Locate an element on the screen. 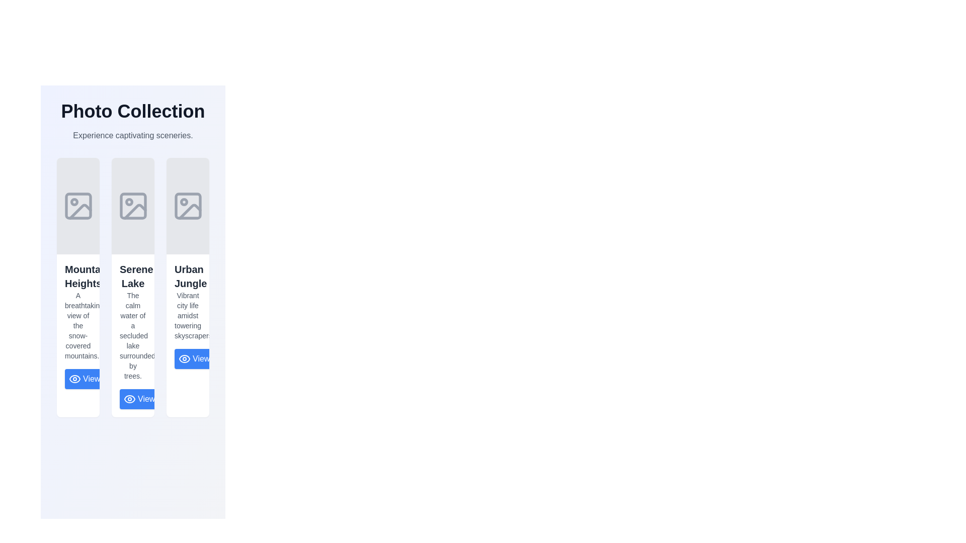  the graphical icon representing an image or photo, which is the first icon in the three-column layout under the 'Mountain Heights' card is located at coordinates (77, 205).